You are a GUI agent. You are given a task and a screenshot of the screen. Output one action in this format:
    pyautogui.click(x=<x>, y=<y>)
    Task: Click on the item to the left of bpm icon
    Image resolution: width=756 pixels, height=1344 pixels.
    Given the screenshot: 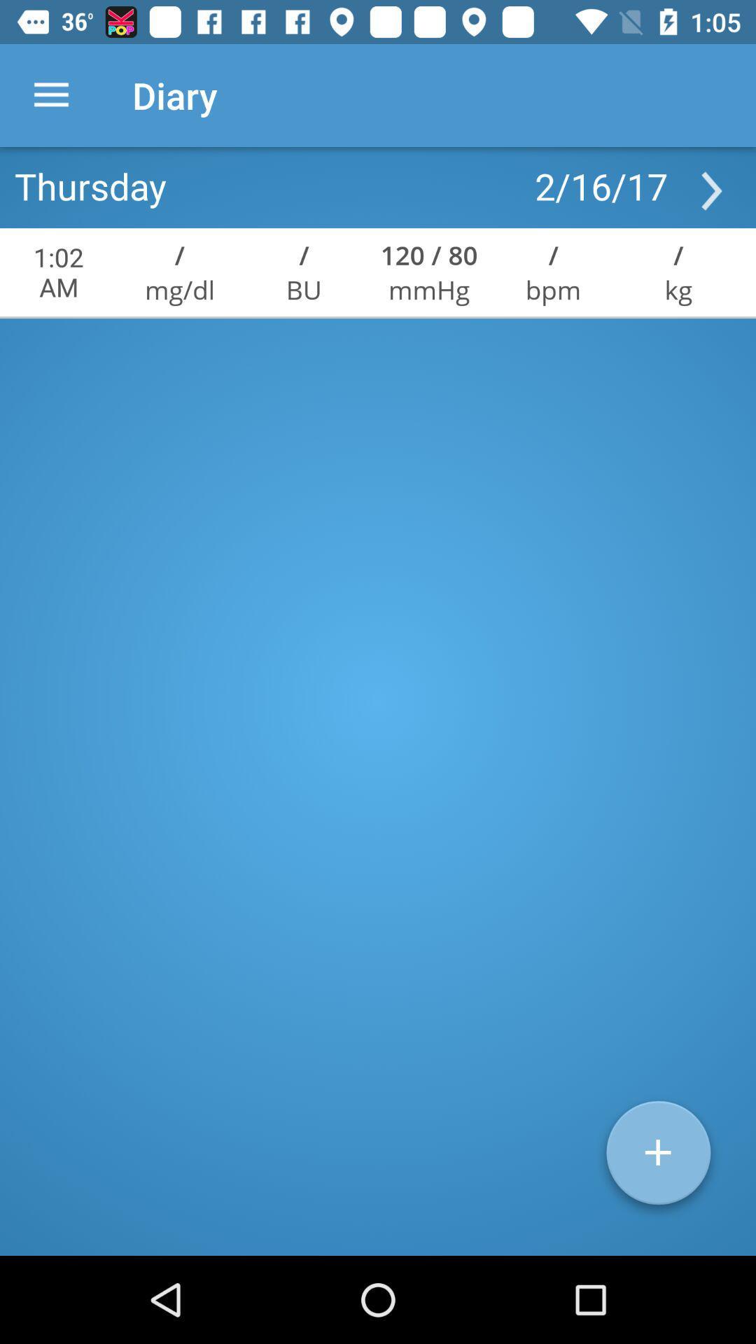 What is the action you would take?
    pyautogui.click(x=428, y=255)
    